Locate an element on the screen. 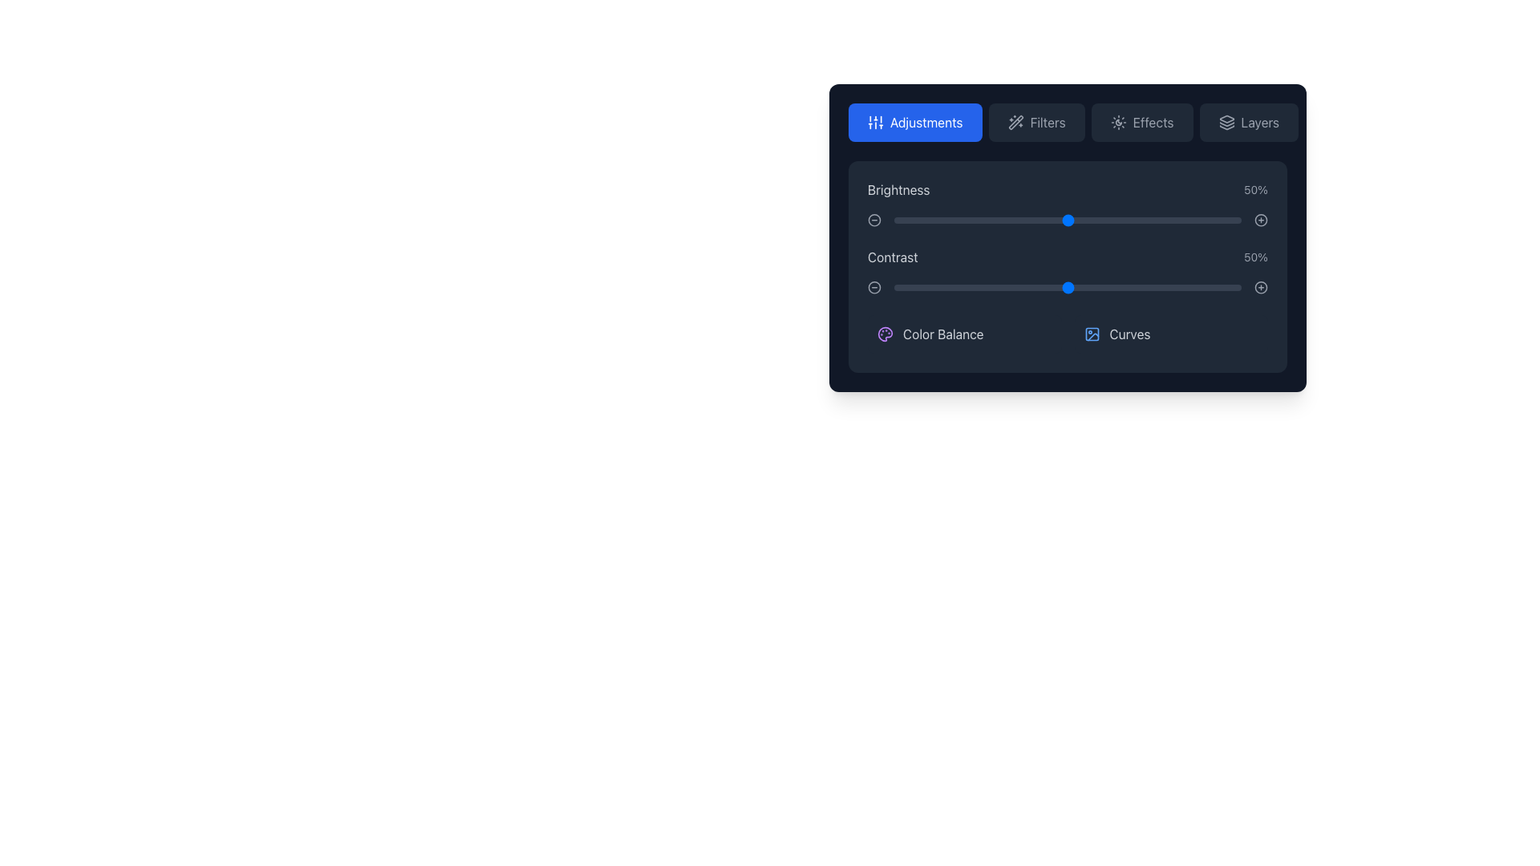  the text label located towards the bottom left of the dialog, immediately to the right of the purple icon is located at coordinates (943, 333).